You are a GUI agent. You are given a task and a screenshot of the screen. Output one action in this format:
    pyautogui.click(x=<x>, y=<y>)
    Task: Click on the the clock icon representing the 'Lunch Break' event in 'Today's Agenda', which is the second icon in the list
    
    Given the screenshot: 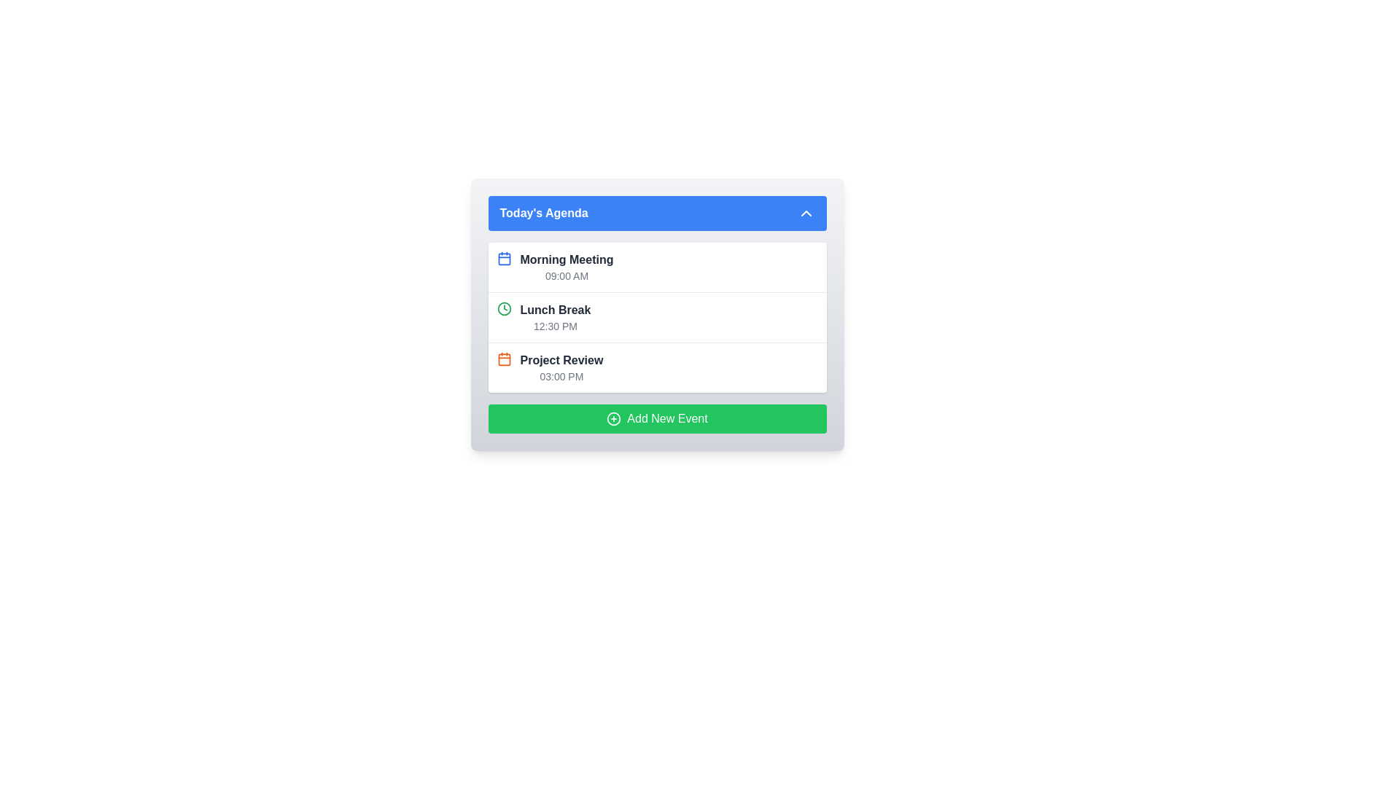 What is the action you would take?
    pyautogui.click(x=504, y=308)
    